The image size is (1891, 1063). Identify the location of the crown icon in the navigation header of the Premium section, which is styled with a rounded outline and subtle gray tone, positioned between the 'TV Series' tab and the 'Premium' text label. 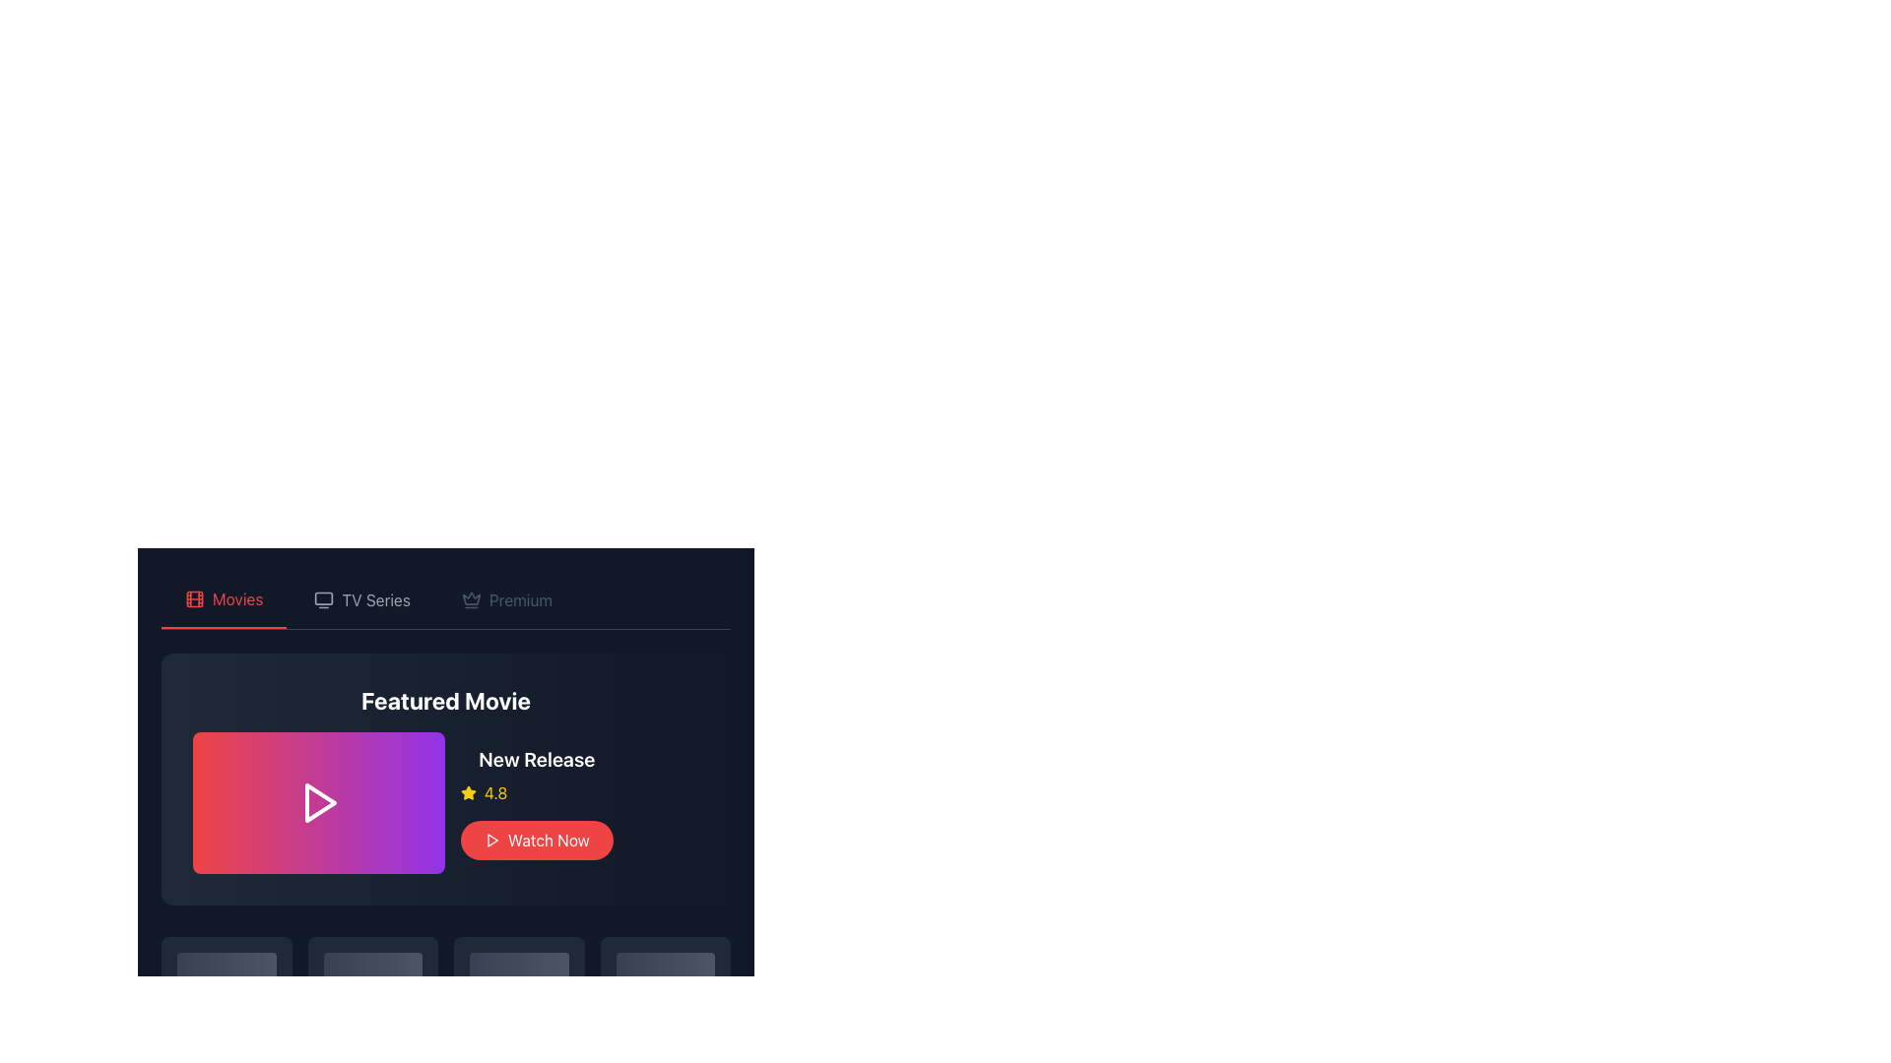
(470, 598).